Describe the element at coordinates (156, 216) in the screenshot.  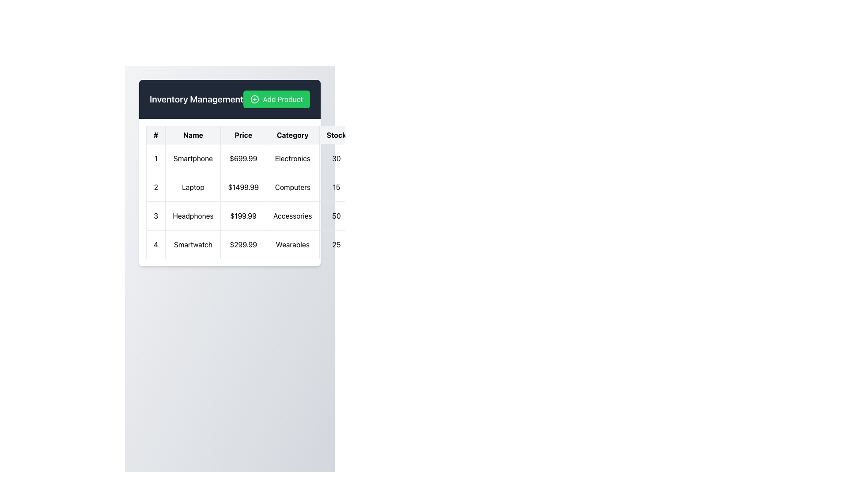
I see `number '3' located in the first cell of the third row in the table under the '#' column` at that location.